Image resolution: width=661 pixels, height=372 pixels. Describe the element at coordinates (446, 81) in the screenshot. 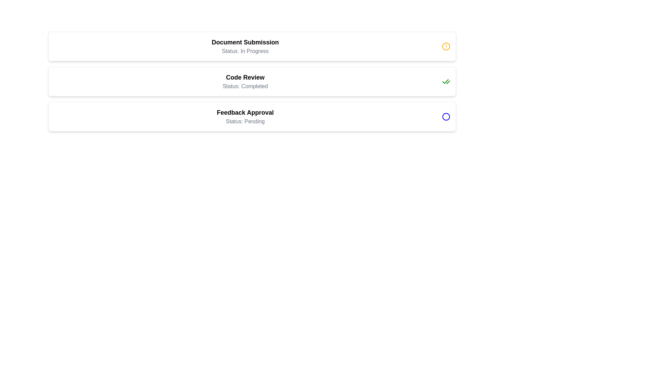

I see `the green double-checkmark icon indicating the 'Completed' status of the 'Code Review' item, located in the top-right corner of the second card` at that location.